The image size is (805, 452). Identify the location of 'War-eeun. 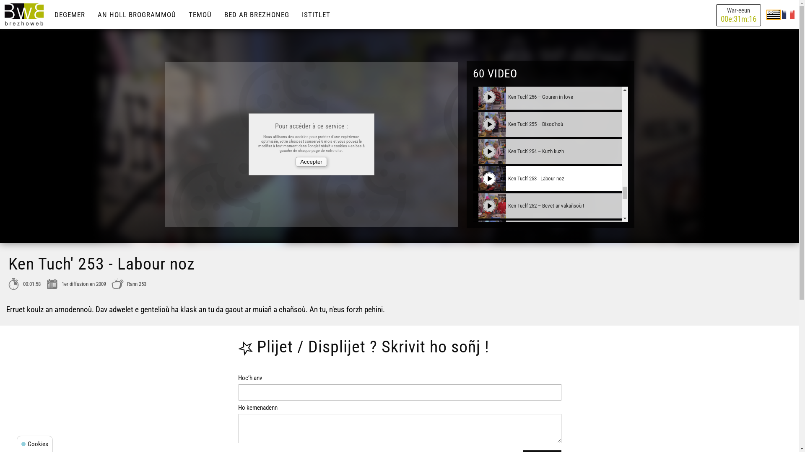
(738, 15).